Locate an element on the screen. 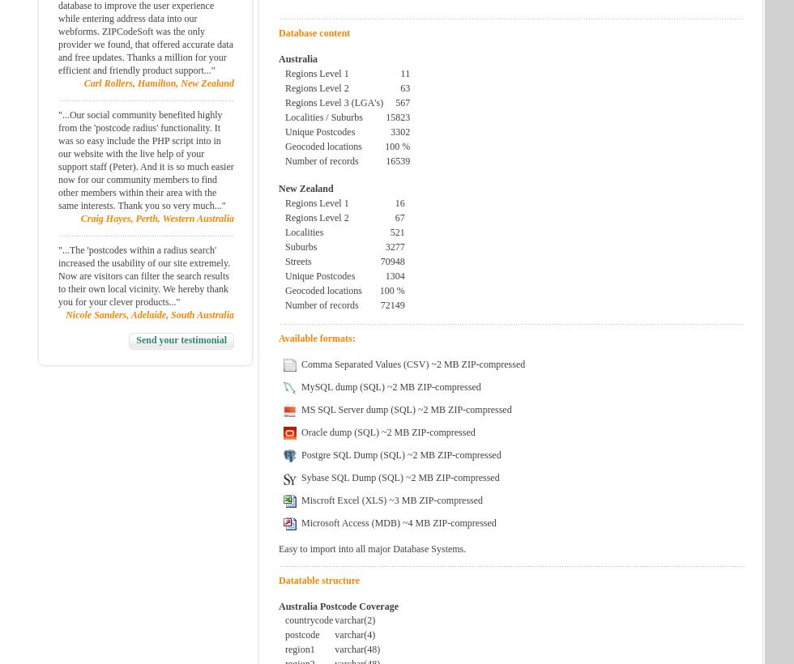  'Streets' is located at coordinates (280, 260).